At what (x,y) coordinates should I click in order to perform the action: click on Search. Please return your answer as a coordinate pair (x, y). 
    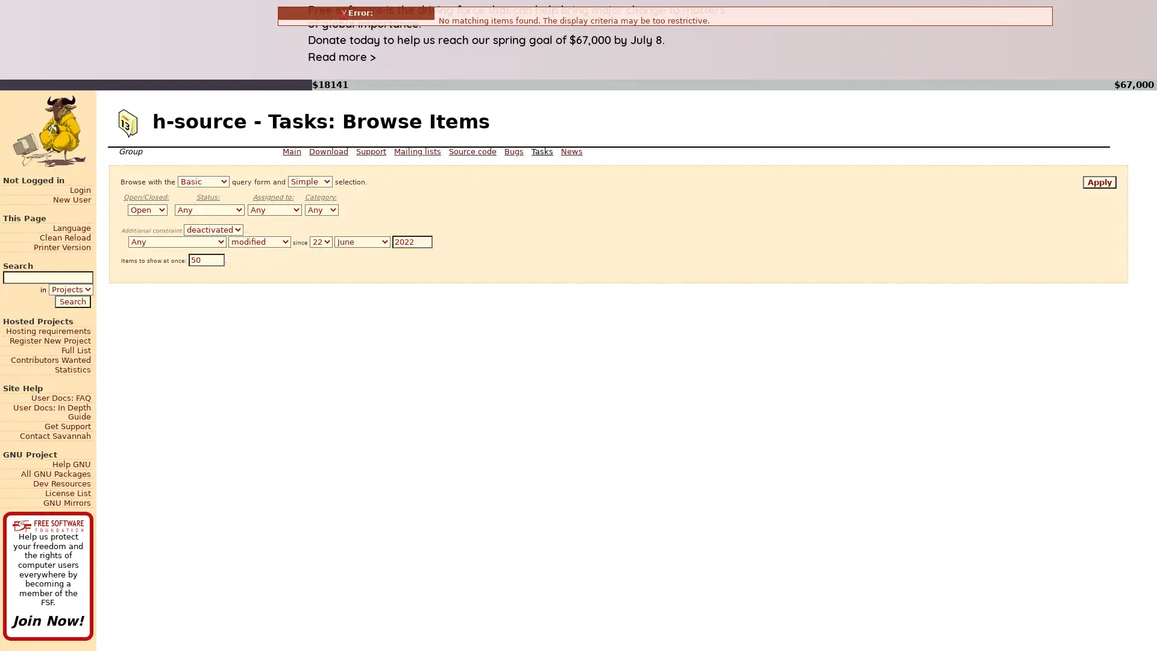
    Looking at the image, I should click on (72, 300).